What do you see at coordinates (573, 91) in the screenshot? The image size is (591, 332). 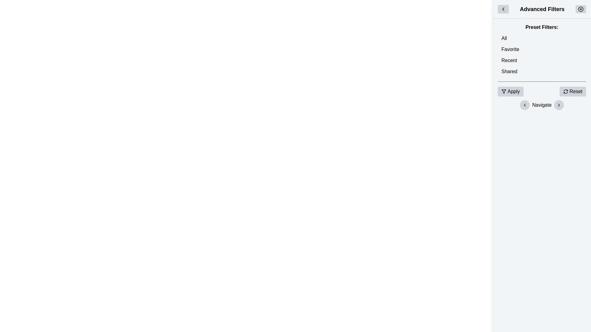 I see `the 'Reset' button, which is a rectangular button with a light gray background and an icon of two circular arrows, located on the right-hand side of the row containing the 'Apply' button` at bounding box center [573, 91].